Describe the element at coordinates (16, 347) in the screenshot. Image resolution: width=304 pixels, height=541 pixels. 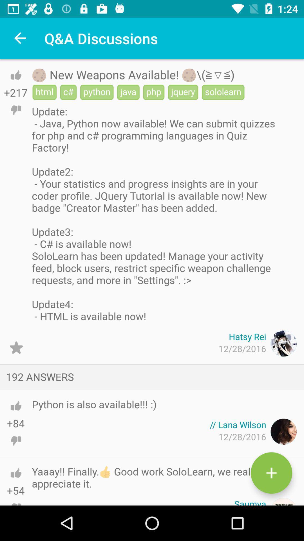
I see `option` at that location.